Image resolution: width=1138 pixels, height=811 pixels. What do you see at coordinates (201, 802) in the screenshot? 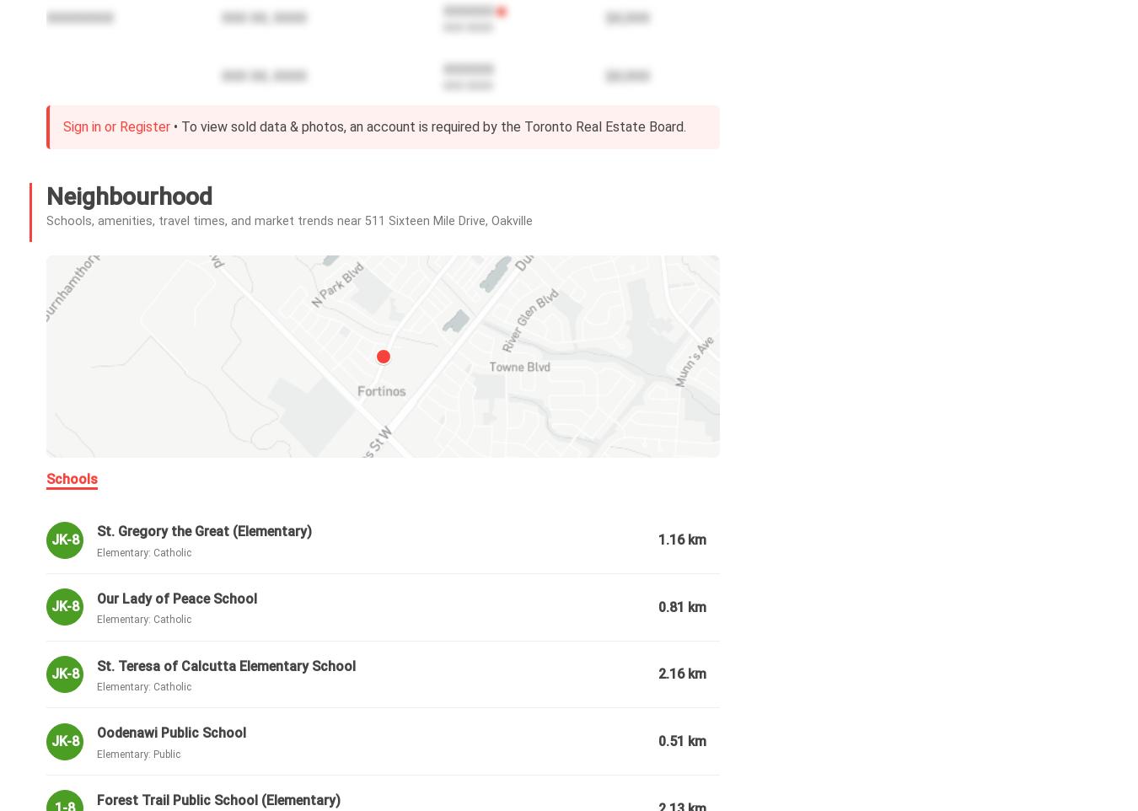
I see `'Unknown'` at bounding box center [201, 802].